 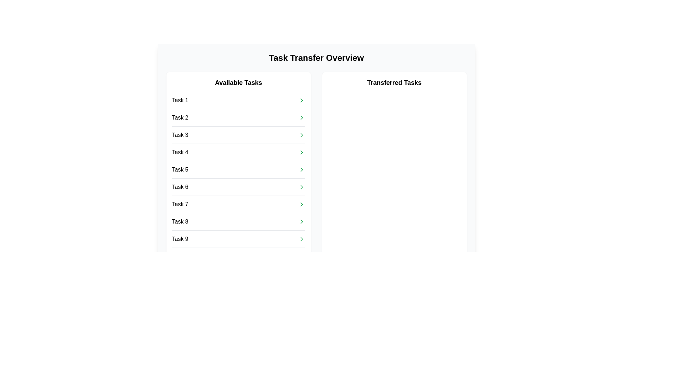 What do you see at coordinates (301, 186) in the screenshot?
I see `the green chevron icon located next to 'Task 6' in the 'Available Tasks' section` at bounding box center [301, 186].